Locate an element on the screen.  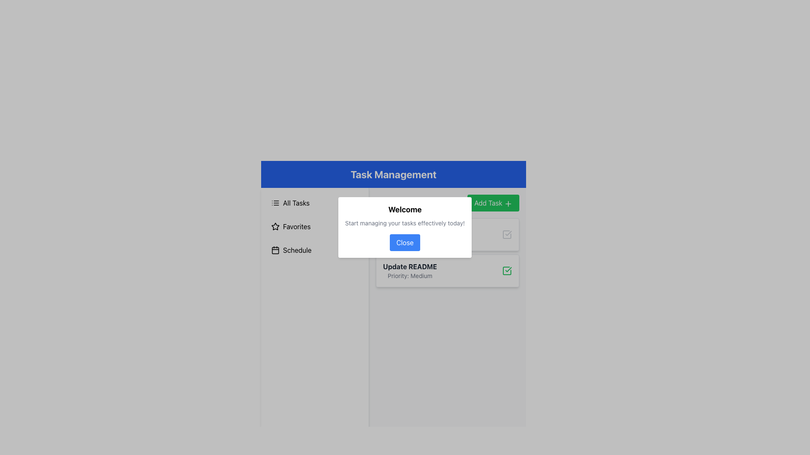
the bold text label displaying 'Welcome' in a white dialog box, positioned prominently at the top of the pop-up is located at coordinates (405, 209).